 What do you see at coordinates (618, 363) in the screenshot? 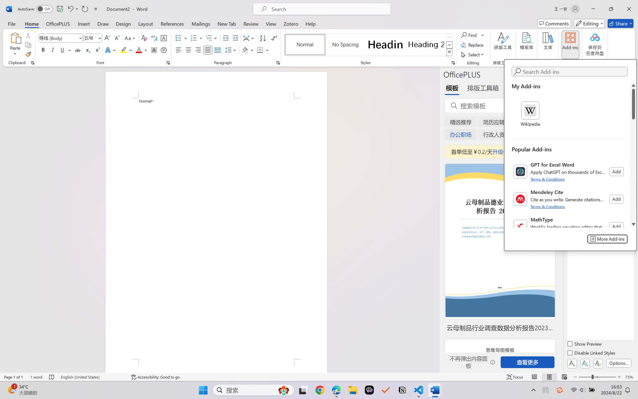
I see `'Options...'` at bounding box center [618, 363].